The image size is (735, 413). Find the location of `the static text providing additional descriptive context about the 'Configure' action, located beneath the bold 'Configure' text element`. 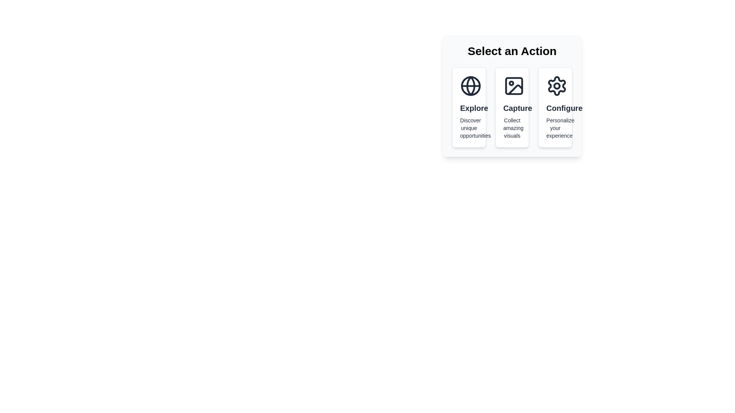

the static text providing additional descriptive context about the 'Configure' action, located beneath the bold 'Configure' text element is located at coordinates (555, 128).